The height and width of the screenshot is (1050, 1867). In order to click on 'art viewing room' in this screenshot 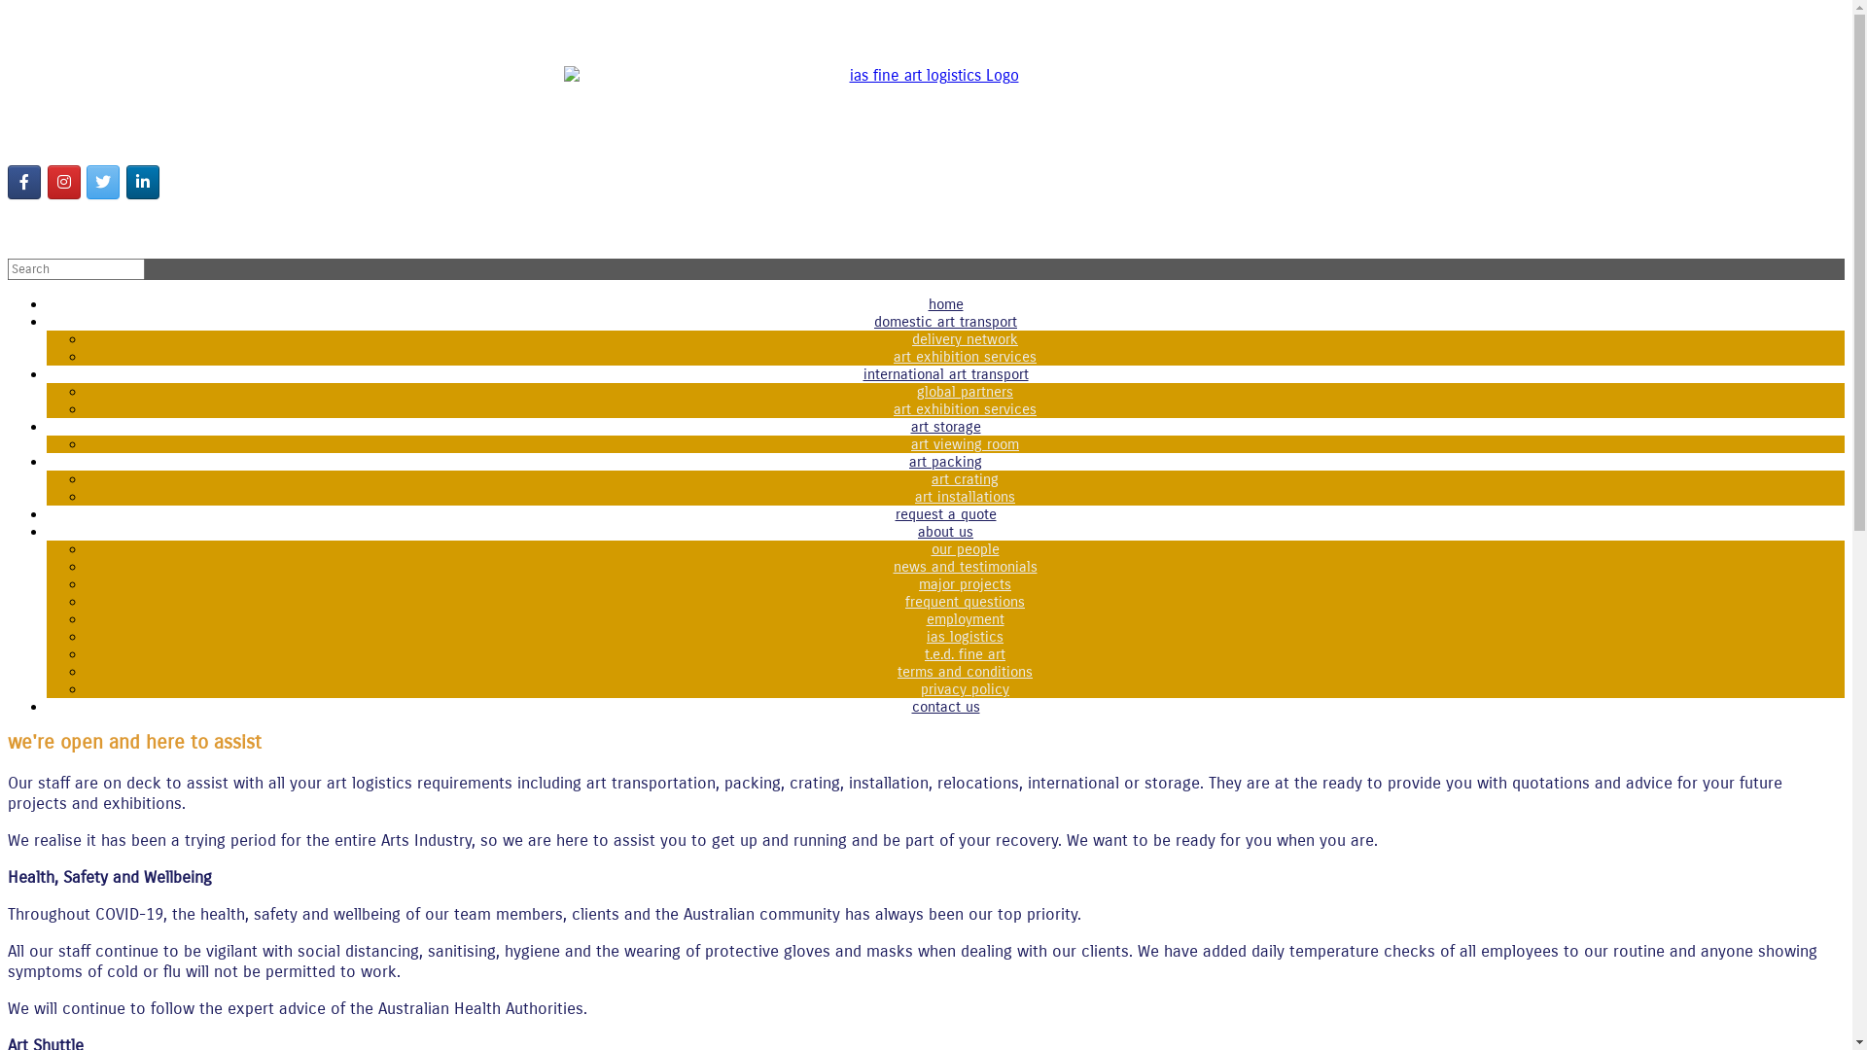, I will do `click(965, 443)`.